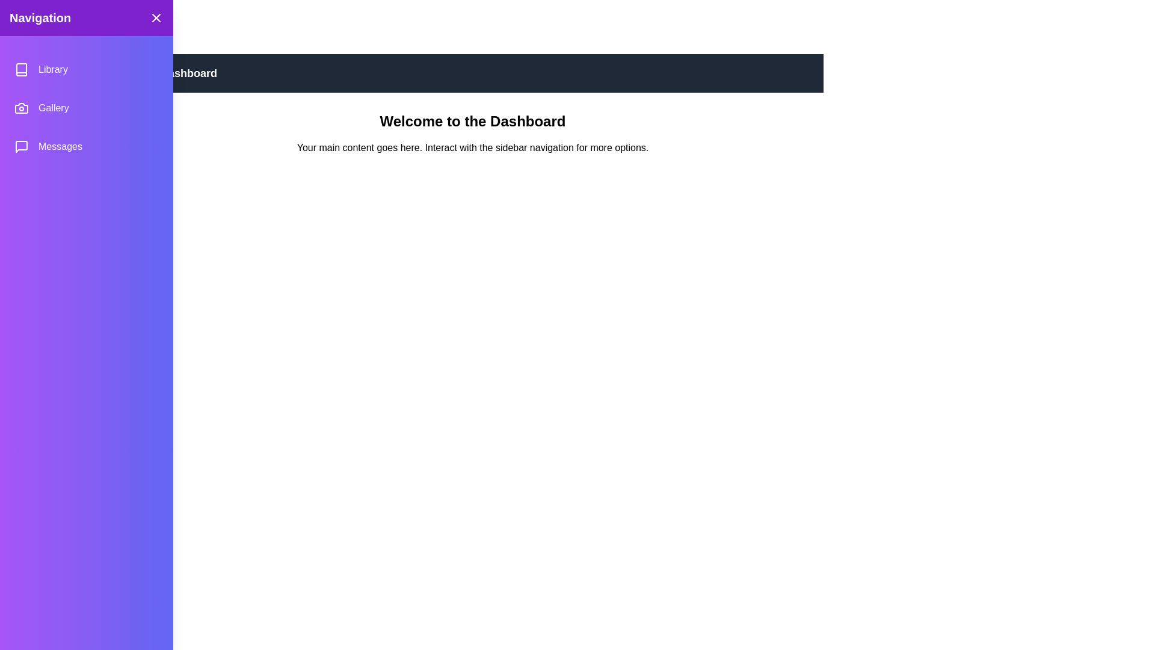 This screenshot has height=650, width=1155. Describe the element at coordinates (53, 108) in the screenshot. I see `the 'Gallery' text label in the sidebar navigation` at that location.